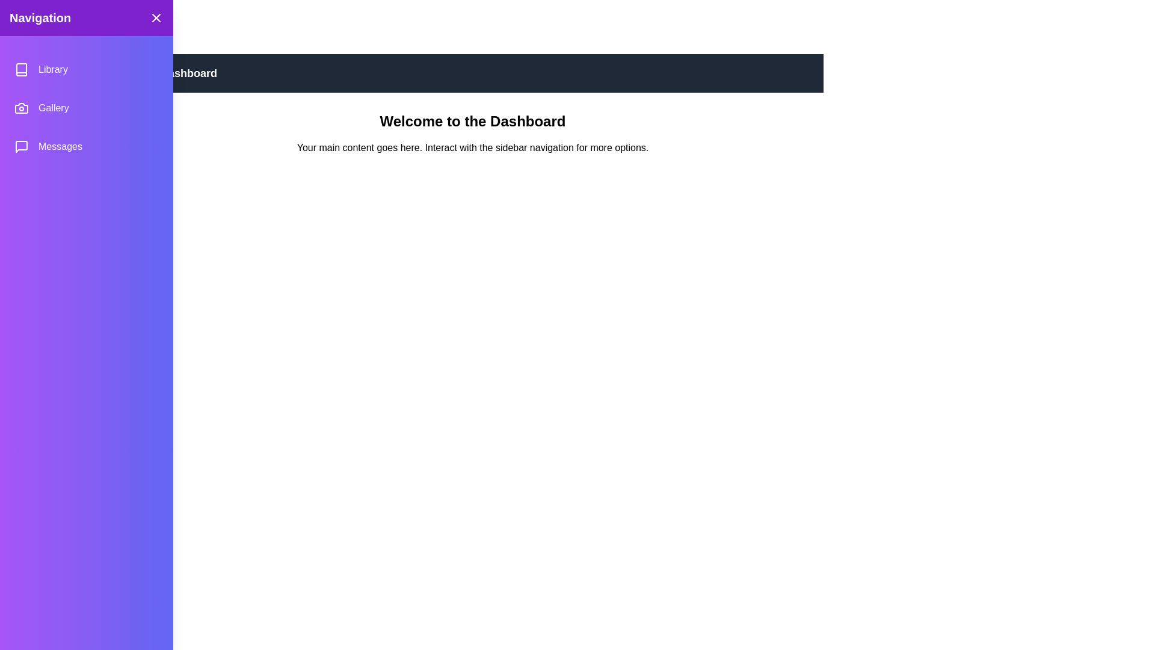 This screenshot has height=650, width=1155. Describe the element at coordinates (53, 108) in the screenshot. I see `the 'Gallery' text label in the sidebar navigation` at that location.